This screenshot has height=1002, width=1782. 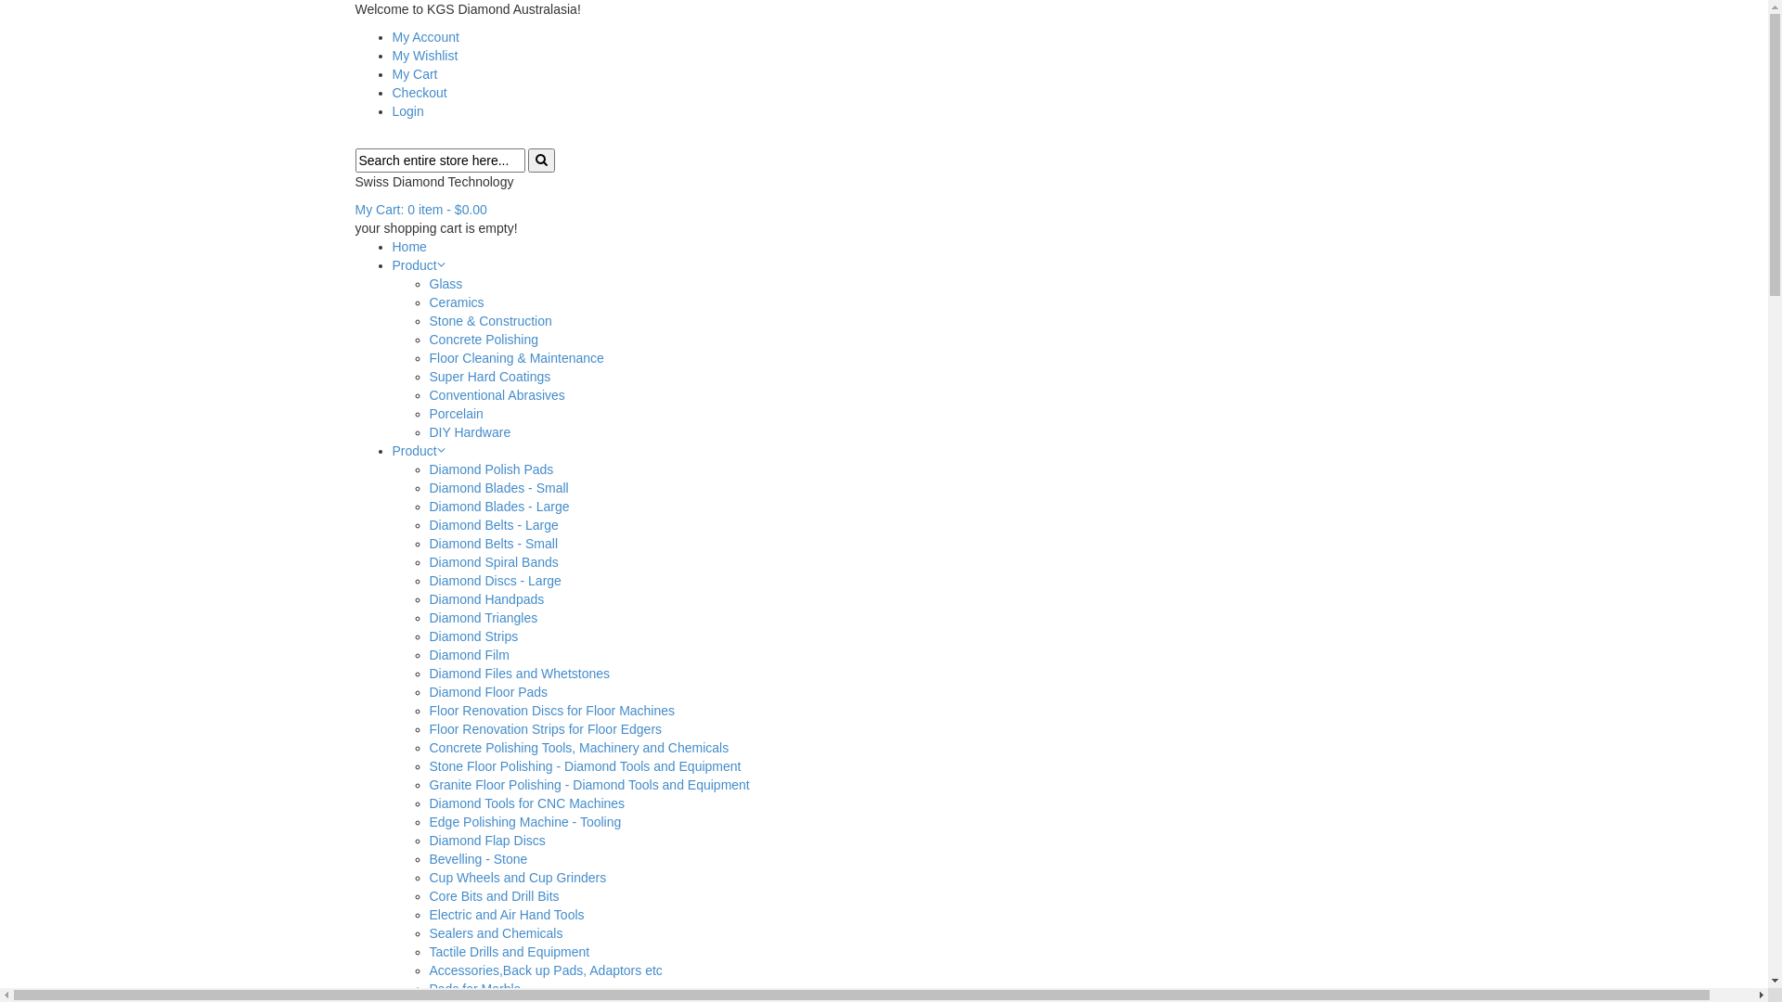 What do you see at coordinates (494, 894) in the screenshot?
I see `'Core Bits and Drill Bits'` at bounding box center [494, 894].